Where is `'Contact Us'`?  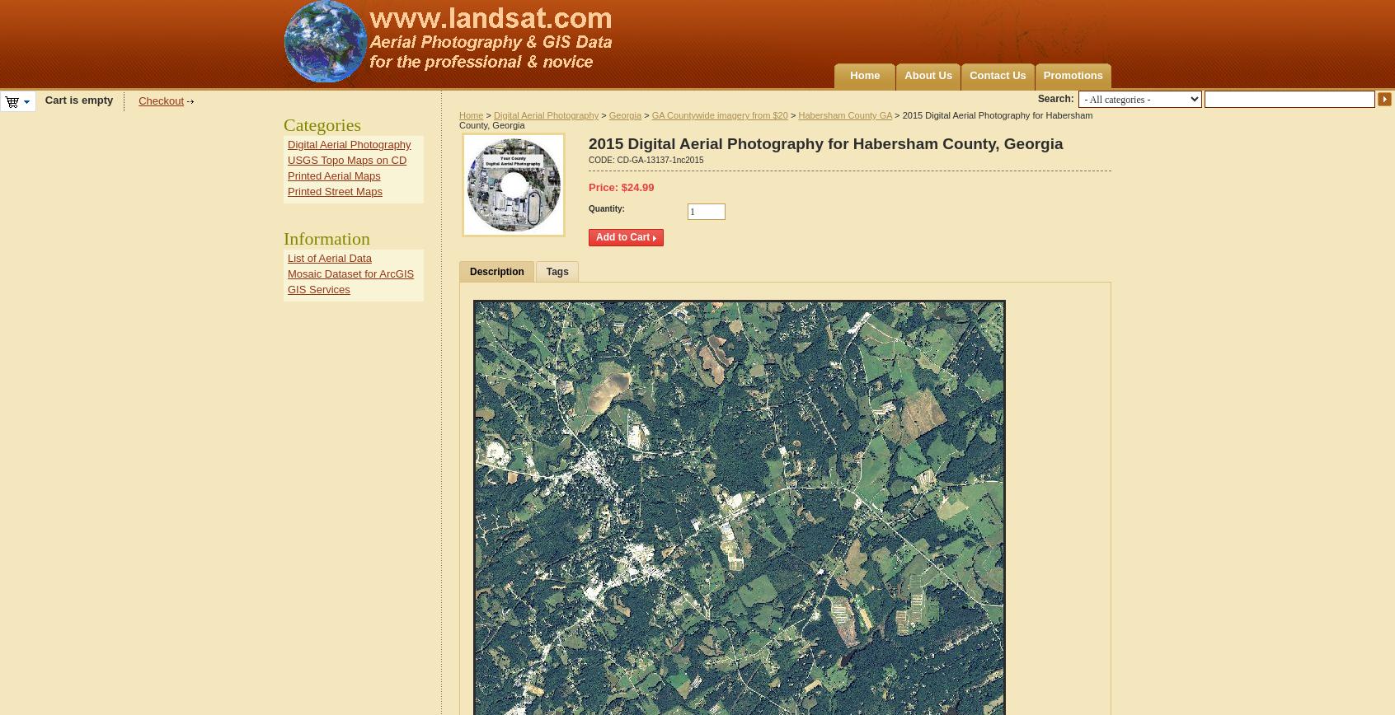 'Contact Us' is located at coordinates (997, 75).